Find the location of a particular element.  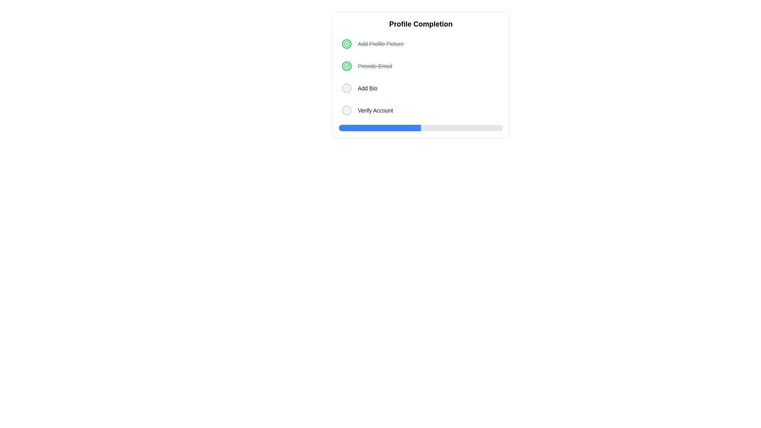

the 'Add Bio' text block in the Profile Completion checklist, which is styled in medium weight, small size, and dark gray color on a light background is located at coordinates (367, 88).